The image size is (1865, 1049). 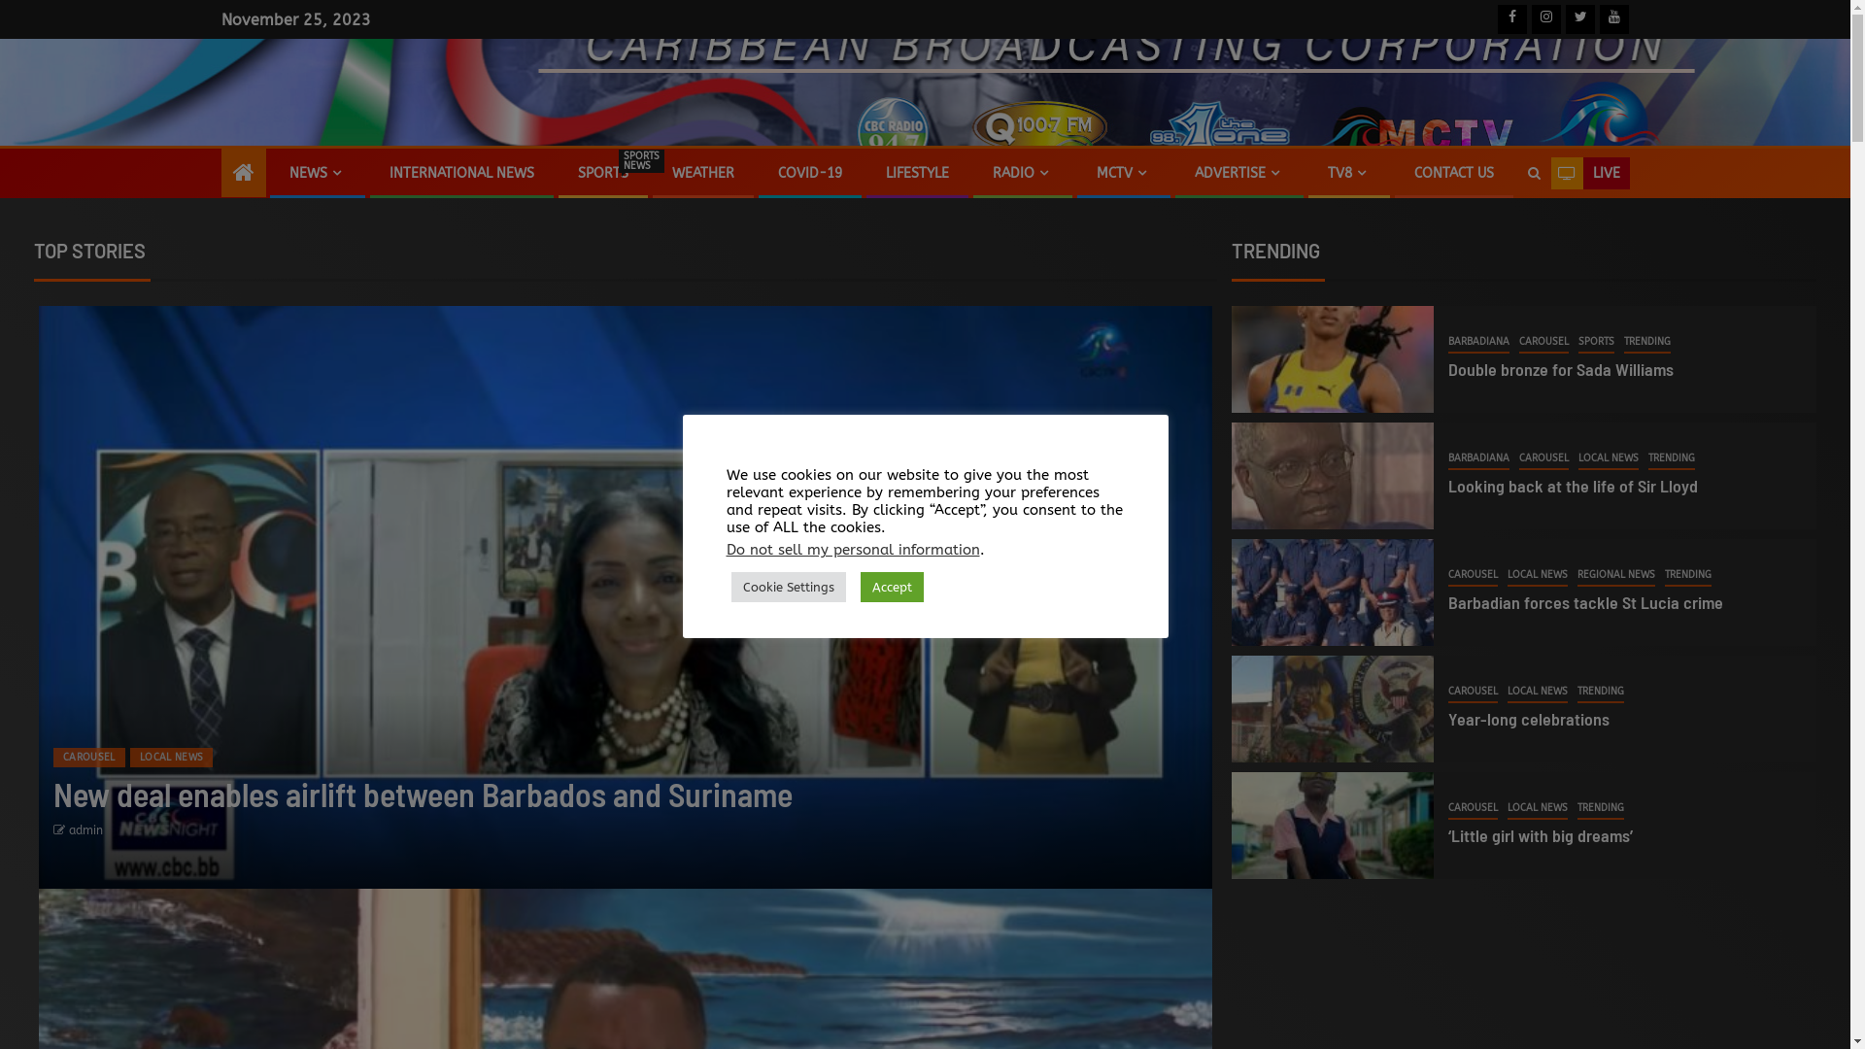 What do you see at coordinates (1473, 692) in the screenshot?
I see `'CAROUSEL'` at bounding box center [1473, 692].